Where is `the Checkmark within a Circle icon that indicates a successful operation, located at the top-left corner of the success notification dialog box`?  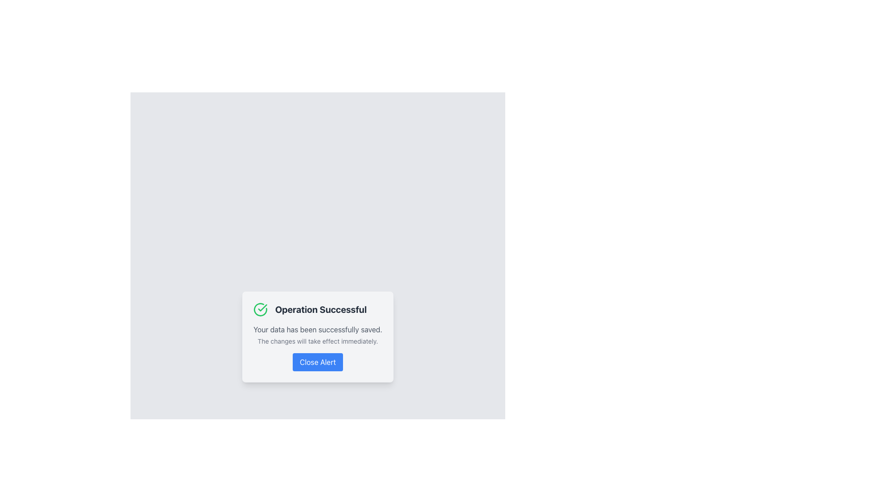 the Checkmark within a Circle icon that indicates a successful operation, located at the top-left corner of the success notification dialog box is located at coordinates (262, 307).